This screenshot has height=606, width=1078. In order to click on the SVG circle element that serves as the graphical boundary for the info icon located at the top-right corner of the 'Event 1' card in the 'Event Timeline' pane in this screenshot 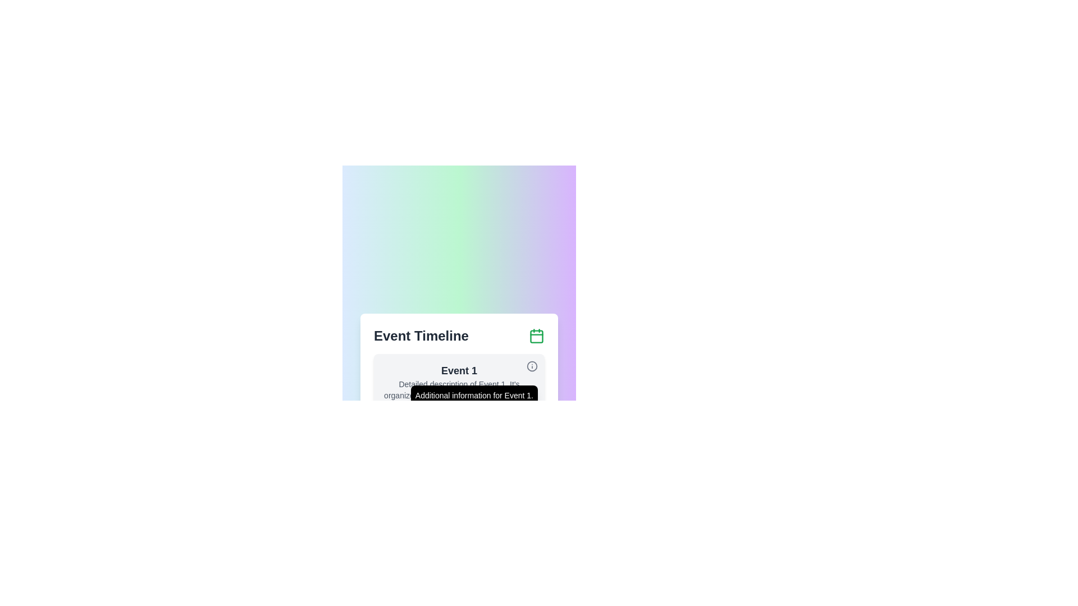, I will do `click(532, 366)`.